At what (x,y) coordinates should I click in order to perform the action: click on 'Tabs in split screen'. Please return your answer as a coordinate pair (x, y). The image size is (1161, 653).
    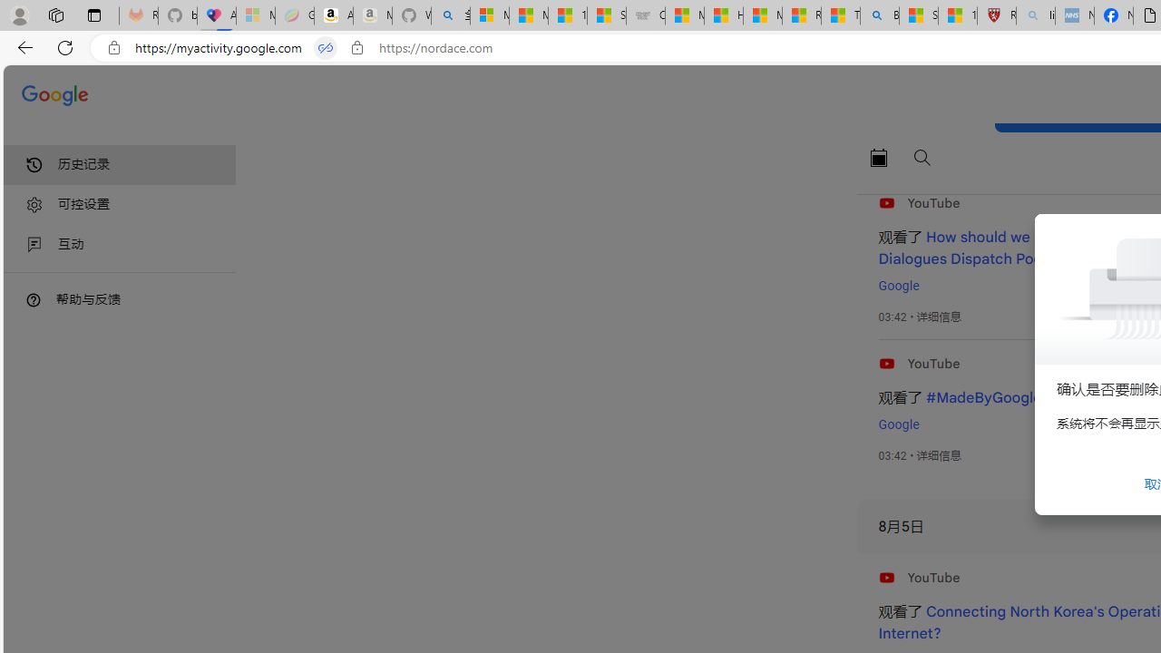
    Looking at the image, I should click on (326, 47).